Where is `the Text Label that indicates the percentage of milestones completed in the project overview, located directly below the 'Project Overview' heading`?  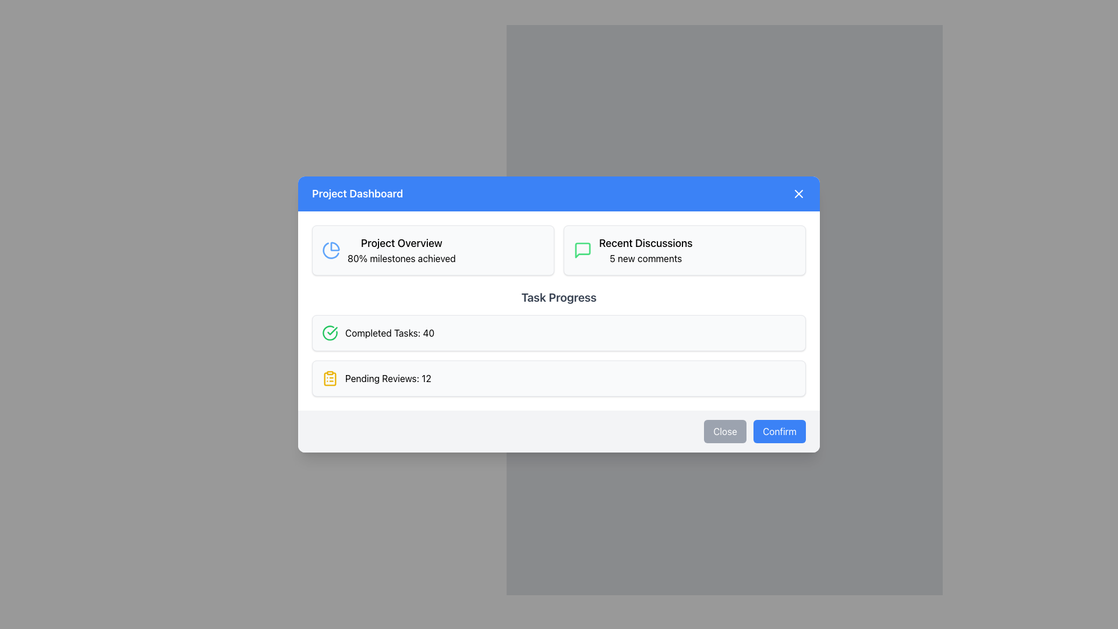 the Text Label that indicates the percentage of milestones completed in the project overview, located directly below the 'Project Overview' heading is located at coordinates (401, 257).